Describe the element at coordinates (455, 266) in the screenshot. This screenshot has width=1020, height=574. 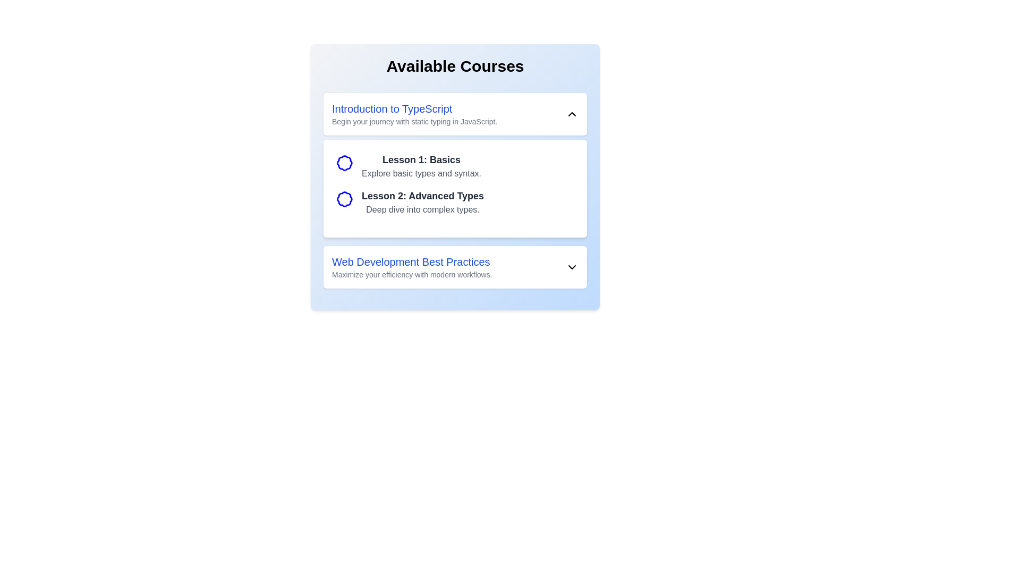
I see `the 'Web Development Best Practices' button in the 'Available Courses' section` at that location.